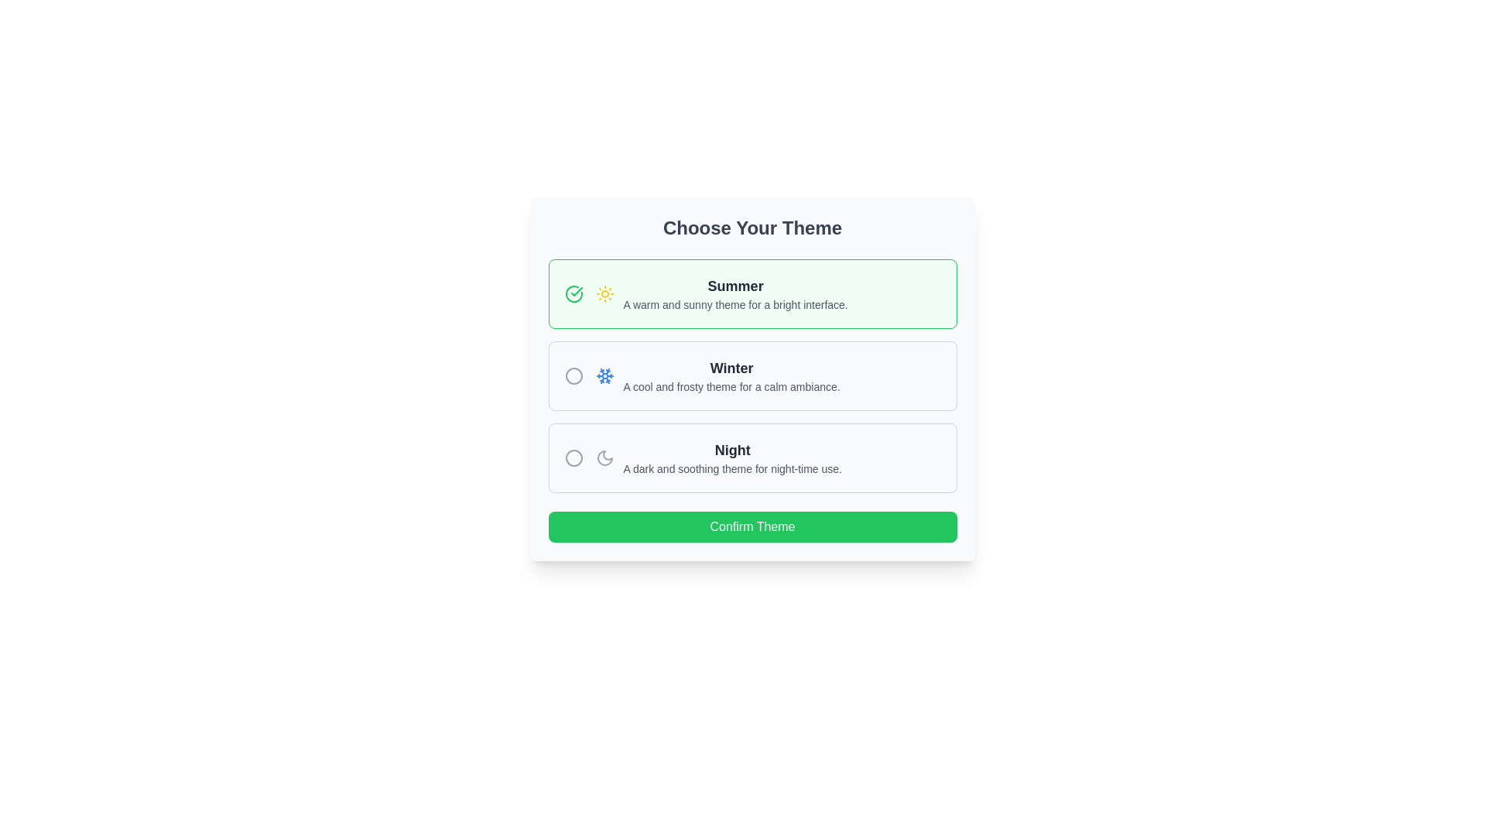  Describe the element at coordinates (734, 286) in the screenshot. I see `the main label for the 'Summer' theme option in the theme selection interface` at that location.